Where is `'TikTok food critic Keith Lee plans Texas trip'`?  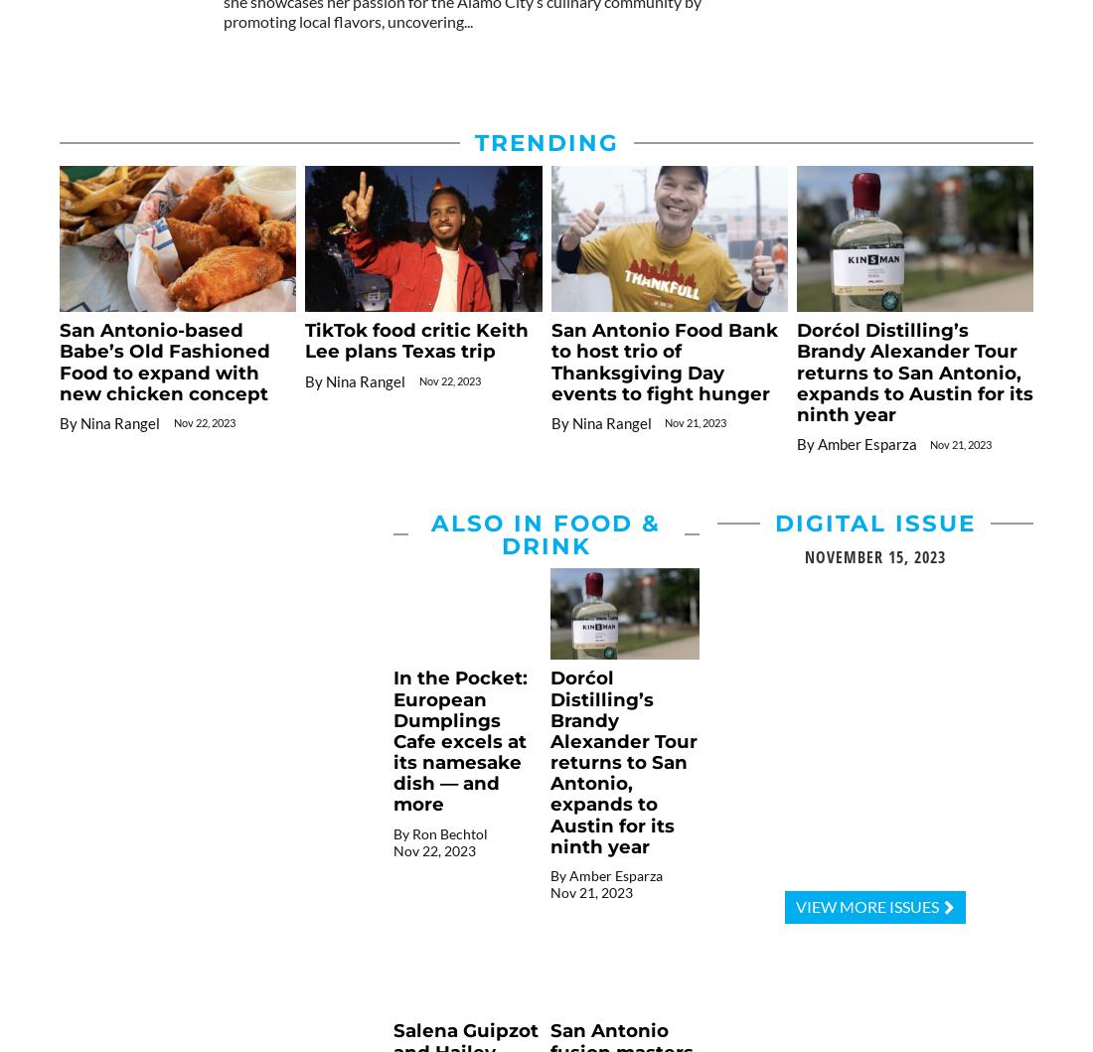 'TikTok food critic Keith Lee plans Texas trip' is located at coordinates (415, 340).